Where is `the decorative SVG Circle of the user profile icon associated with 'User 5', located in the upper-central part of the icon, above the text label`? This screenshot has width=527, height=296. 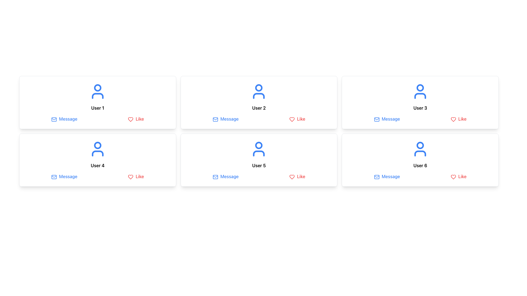 the decorative SVG Circle of the user profile icon associated with 'User 5', located in the upper-central part of the icon, above the text label is located at coordinates (259, 145).